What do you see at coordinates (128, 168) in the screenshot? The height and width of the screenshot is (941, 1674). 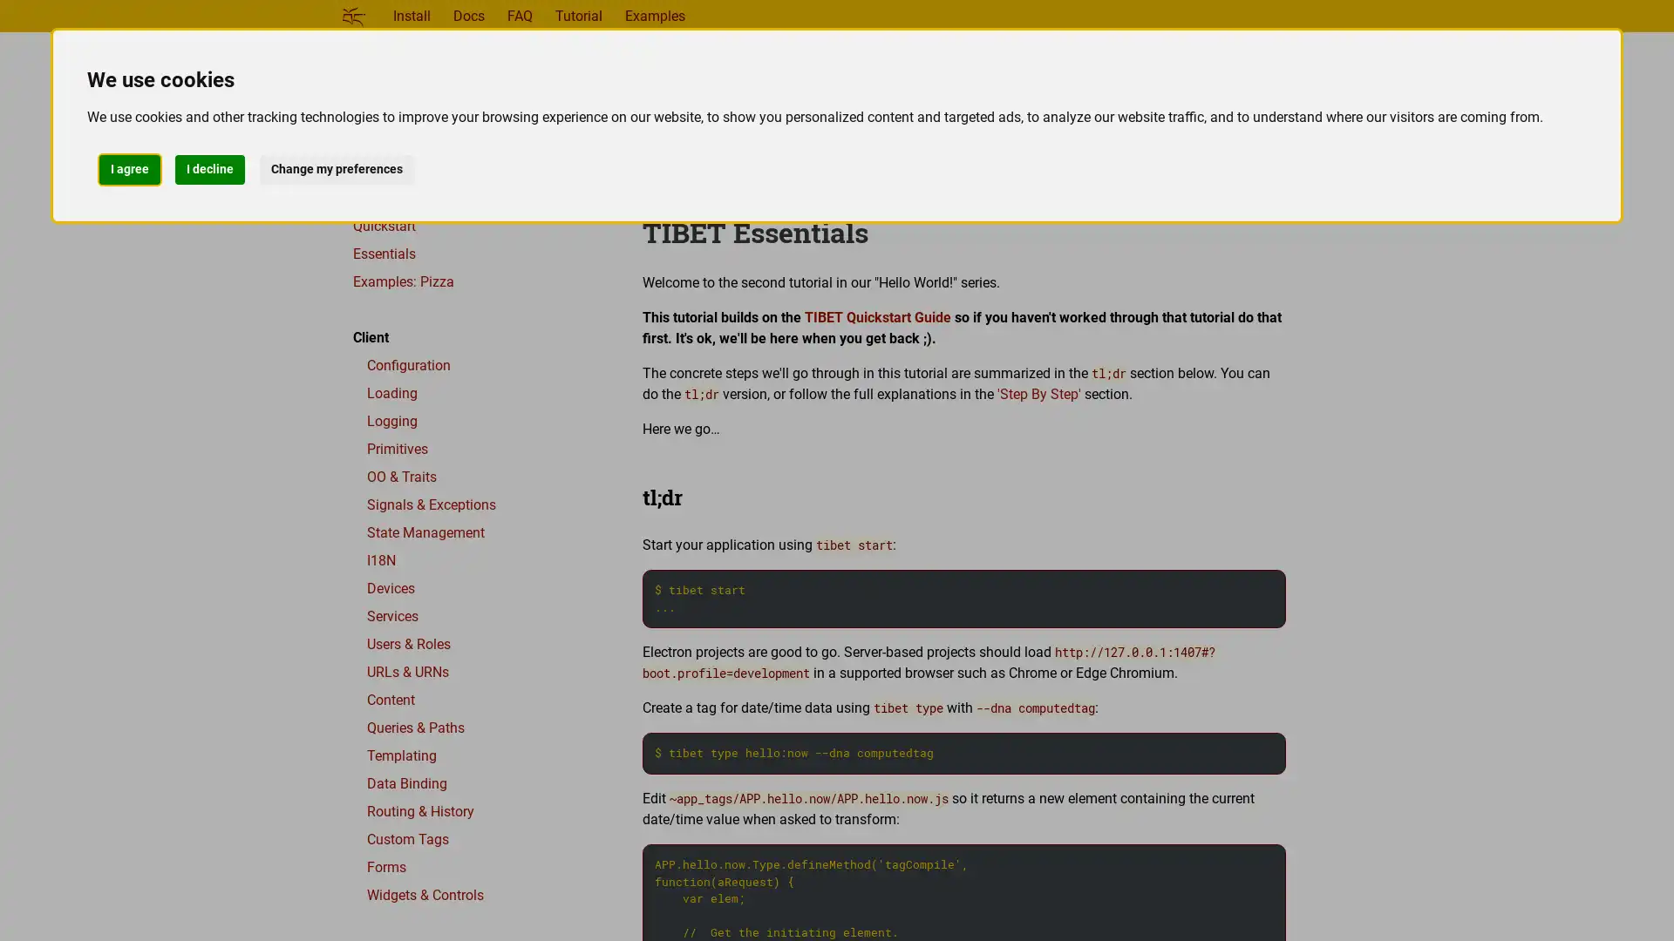 I see `I agree` at bounding box center [128, 168].